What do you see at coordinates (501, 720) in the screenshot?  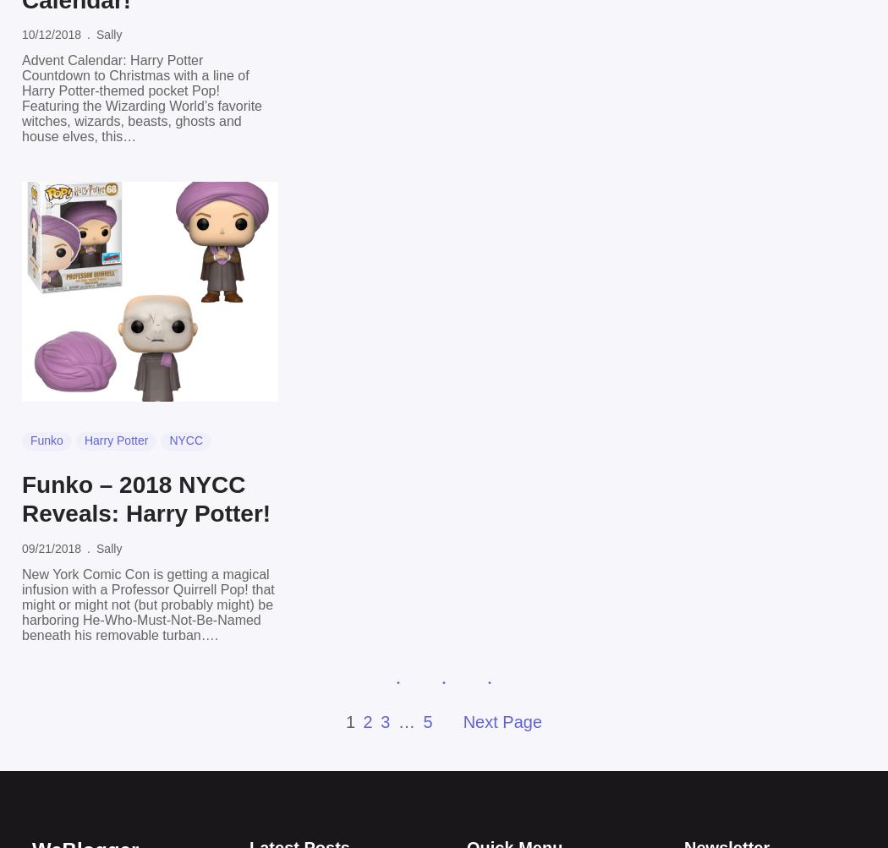 I see `'Next Page'` at bounding box center [501, 720].